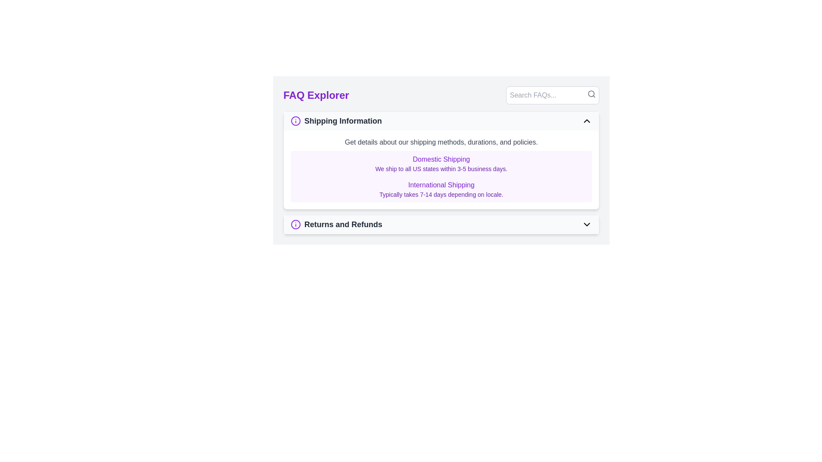 The image size is (822, 462). What do you see at coordinates (336, 224) in the screenshot?
I see `the 'Returns and Refunds' text label, which is styled in bold and located to the left of a downward arrow icon within the FAQ Explorer interface` at bounding box center [336, 224].